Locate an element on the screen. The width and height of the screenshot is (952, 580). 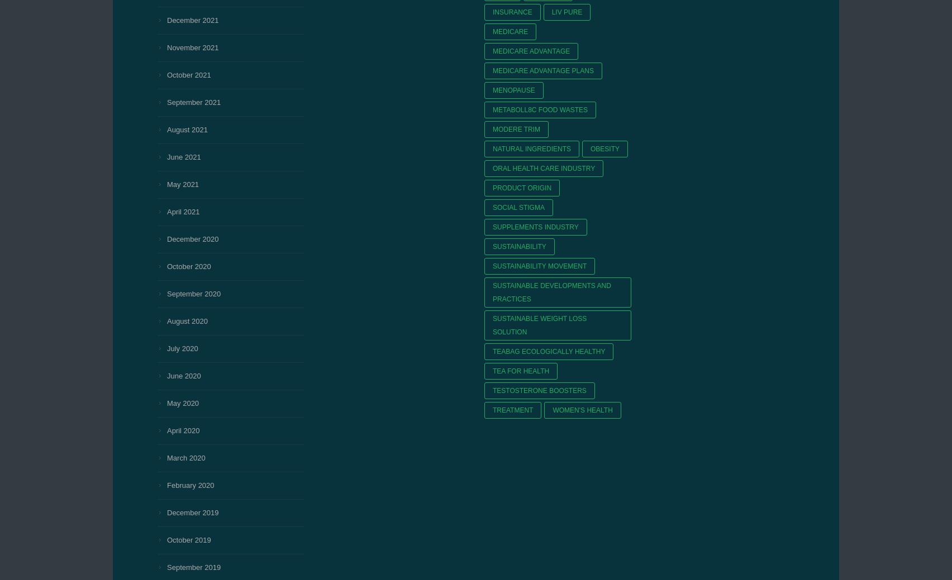
'April 2020' is located at coordinates (183, 430).